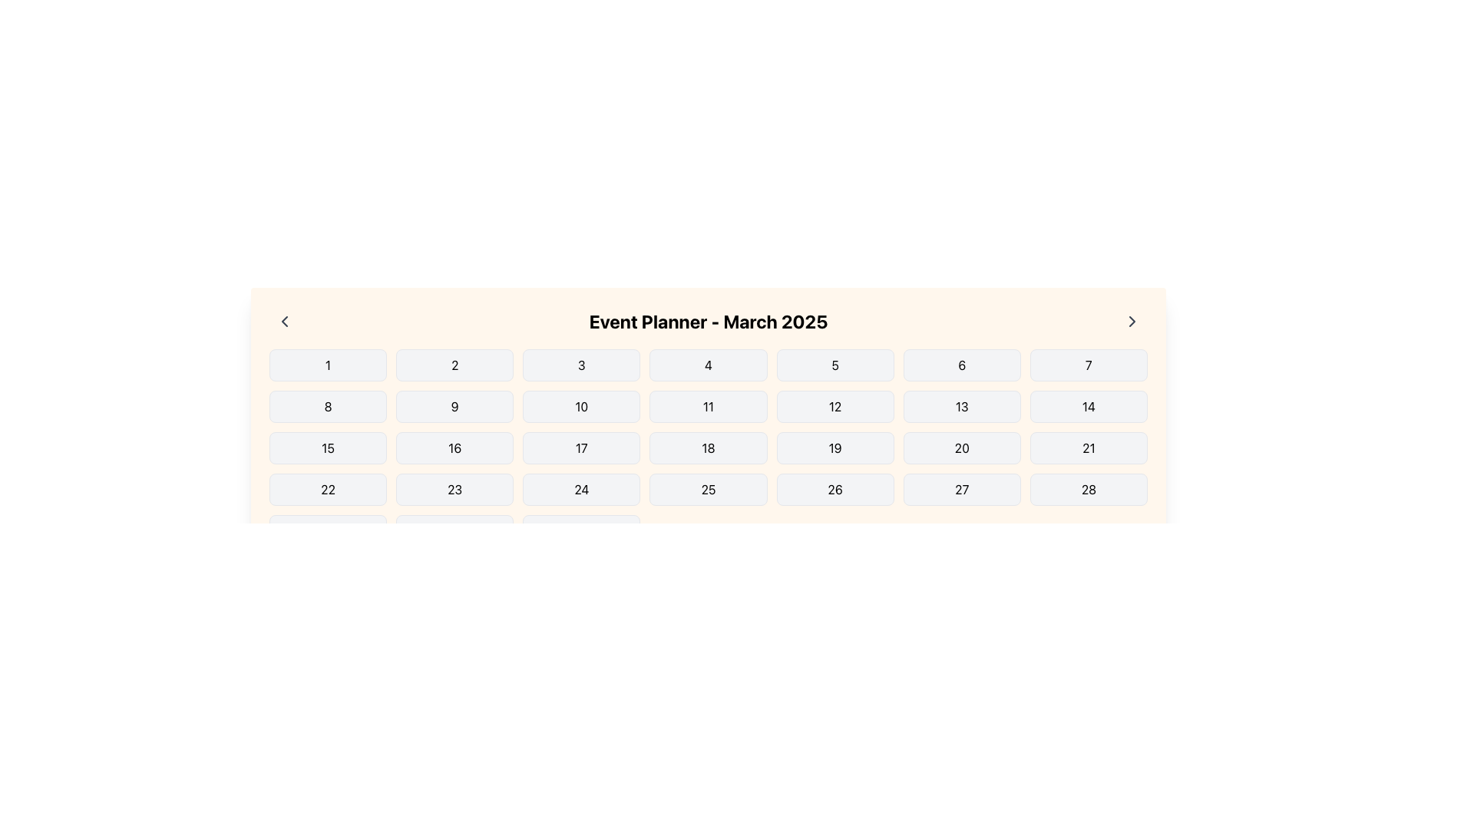  I want to click on the text label indicating the 25th day in the calendar month, located in the fifth column of the fourth row of the calendar grid, so click(707, 489).